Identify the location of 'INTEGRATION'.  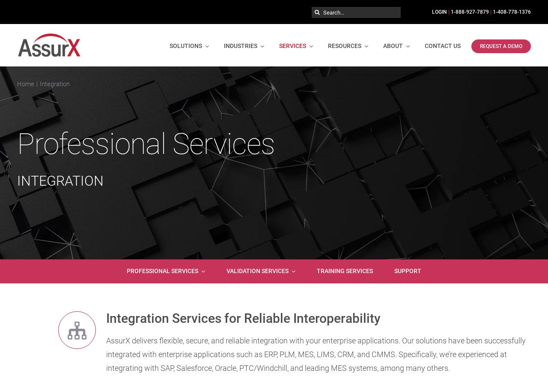
(60, 180).